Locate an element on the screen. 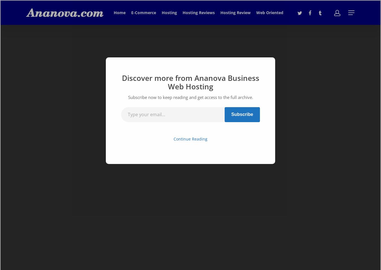 The width and height of the screenshot is (381, 270). 'Discover more from Ananova Business Web Hosting' is located at coordinates (190, 82).